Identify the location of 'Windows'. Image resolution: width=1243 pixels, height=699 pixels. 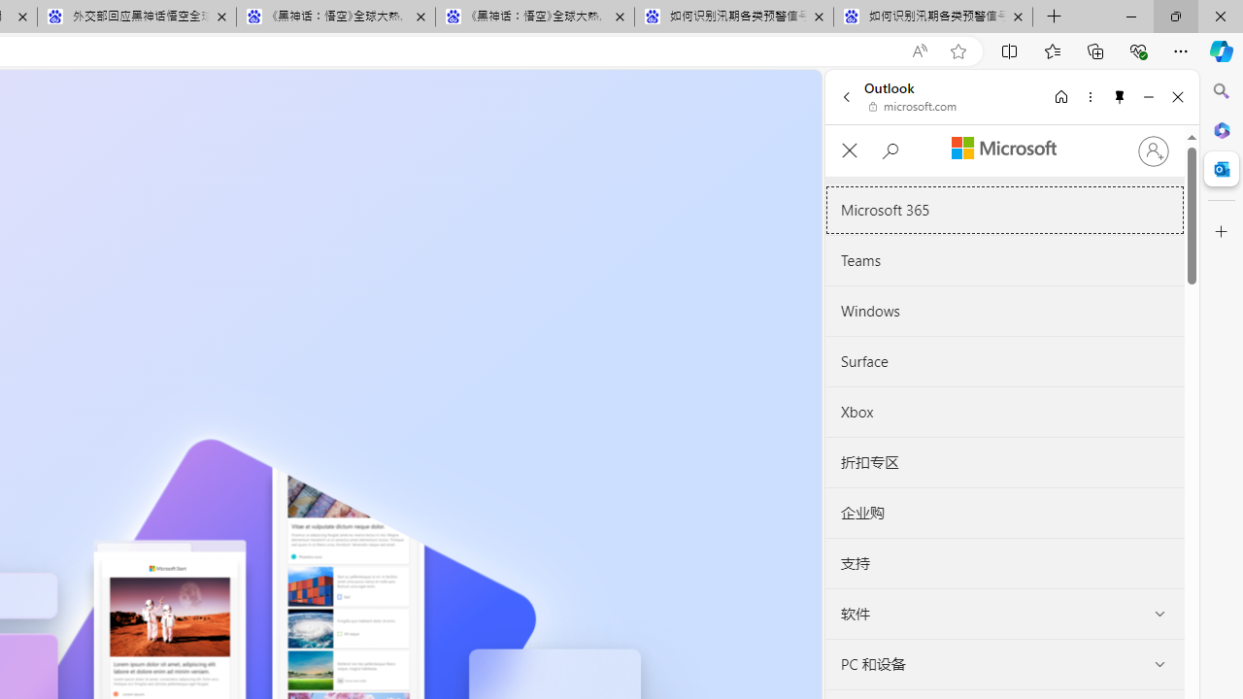
(1004, 310).